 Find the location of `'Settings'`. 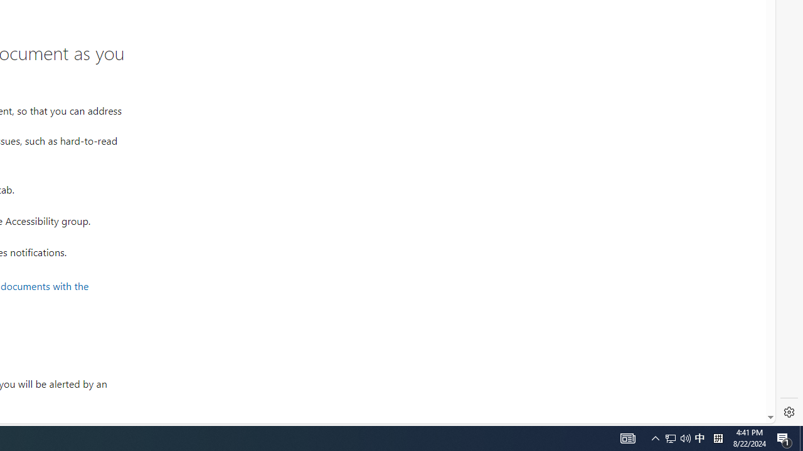

'Settings' is located at coordinates (789, 412).